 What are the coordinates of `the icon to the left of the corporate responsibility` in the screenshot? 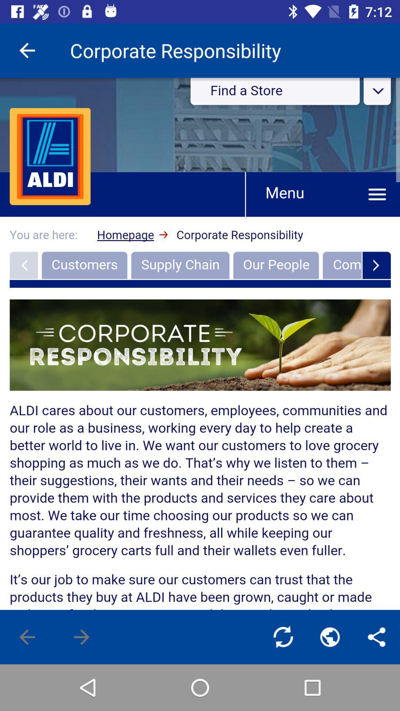 It's located at (27, 50).